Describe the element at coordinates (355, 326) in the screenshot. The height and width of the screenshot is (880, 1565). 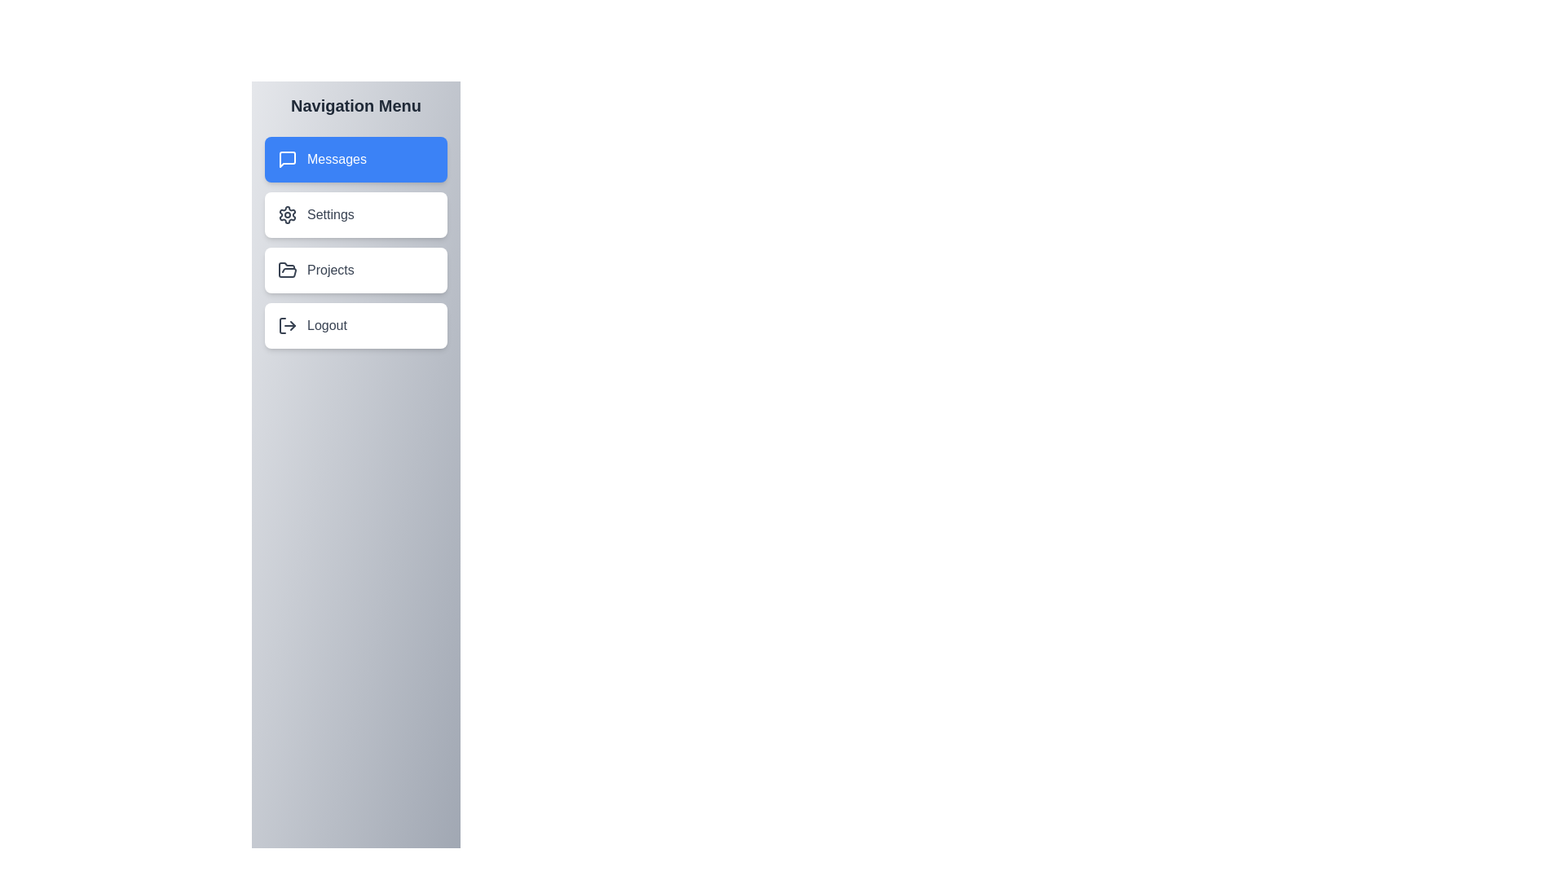
I see `the menu item Logout to navigate` at that location.